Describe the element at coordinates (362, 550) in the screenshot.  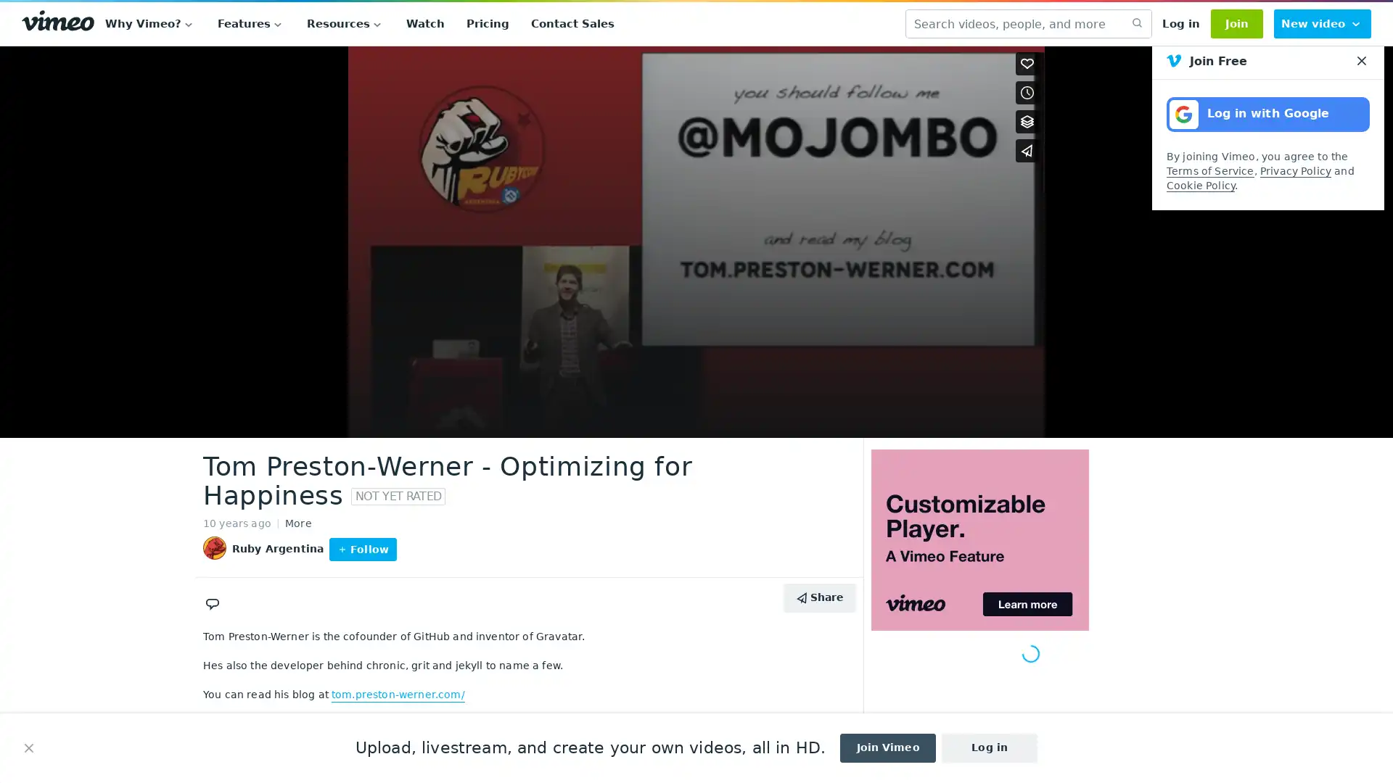
I see `Follow` at that location.